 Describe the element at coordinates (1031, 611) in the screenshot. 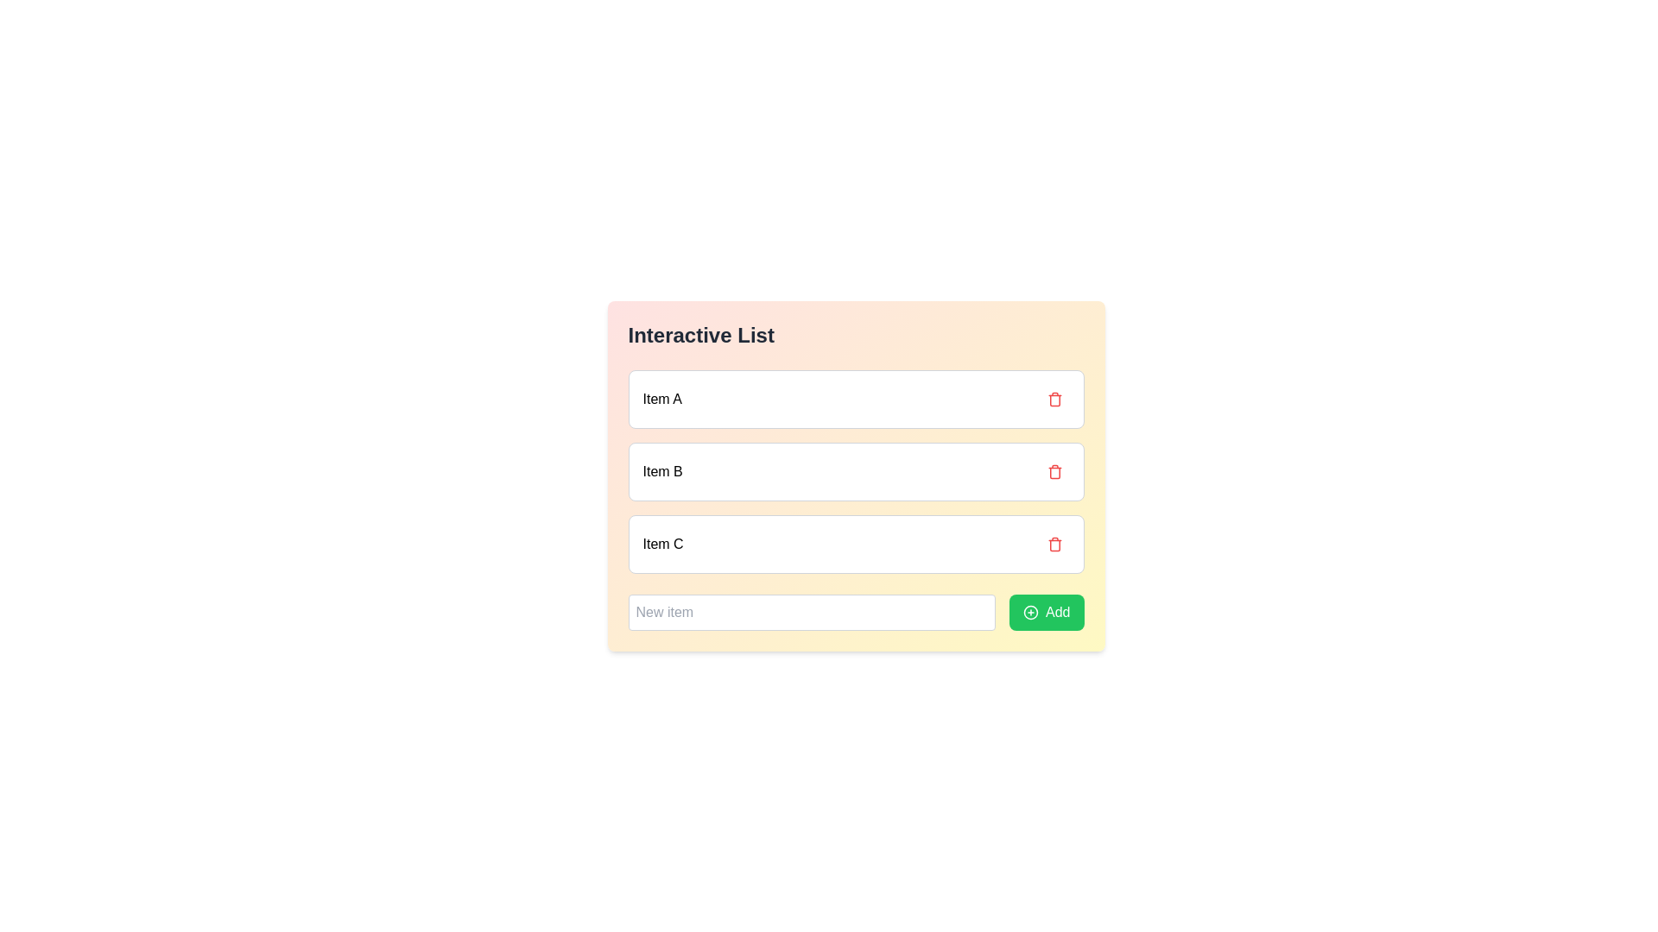

I see `the addition icon located in the bottom-right corner of the green 'Add' button within the form entry` at that location.